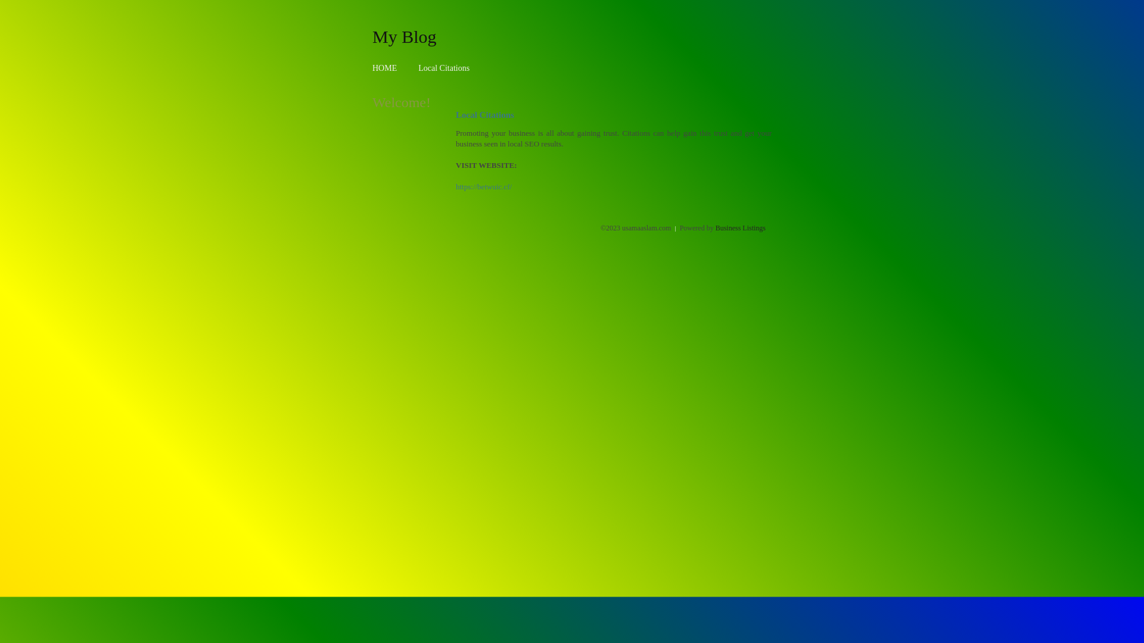 Image resolution: width=1144 pixels, height=643 pixels. What do you see at coordinates (404, 36) in the screenshot?
I see `'My Blog'` at bounding box center [404, 36].